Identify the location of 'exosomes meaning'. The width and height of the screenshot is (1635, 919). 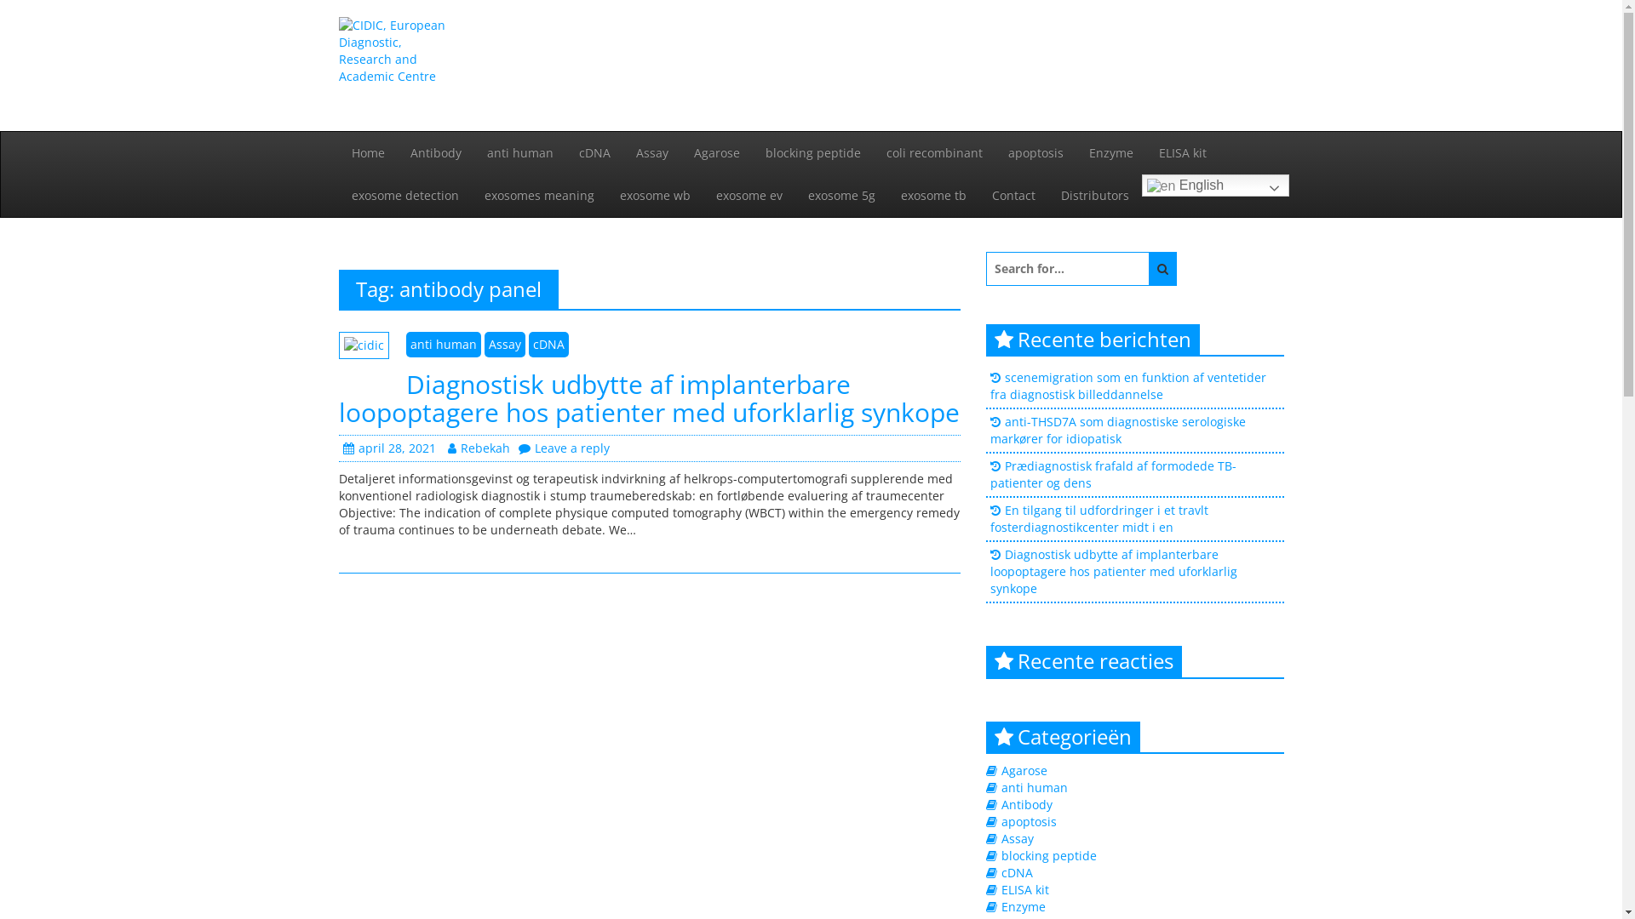
(471, 195).